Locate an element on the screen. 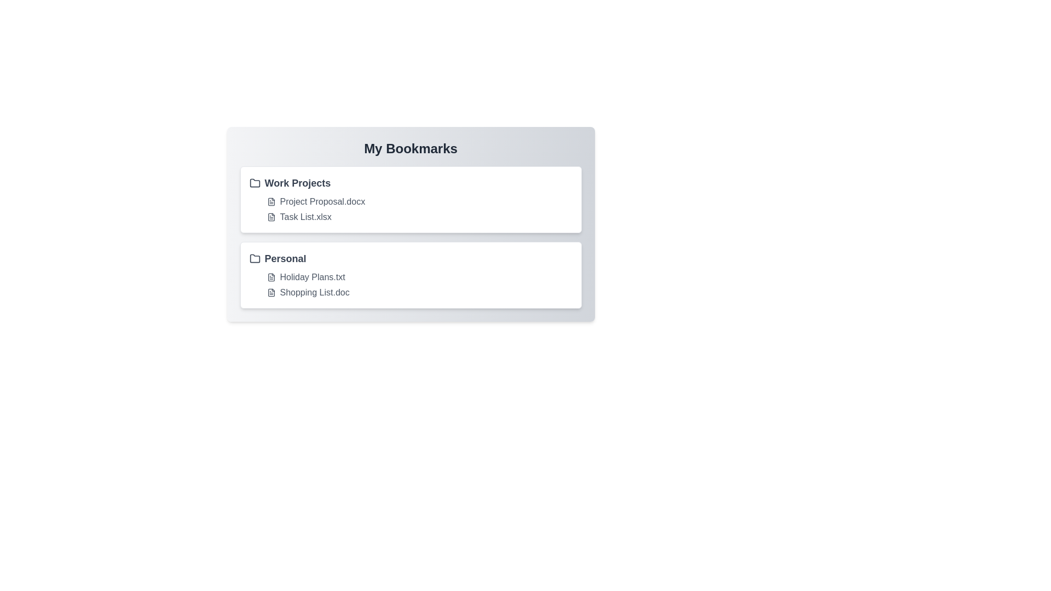 The width and height of the screenshot is (1051, 591). the text label displaying 'Holiday Plans.txt' is located at coordinates (312, 276).